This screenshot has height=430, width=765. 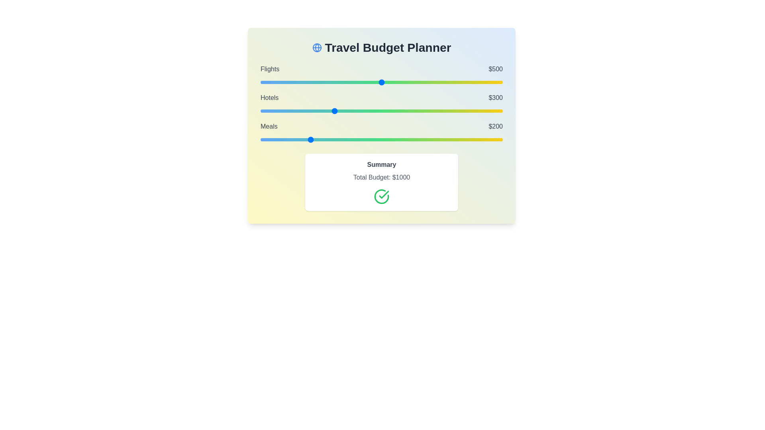 I want to click on the 'Flights' budget slider to 482, so click(x=377, y=82).